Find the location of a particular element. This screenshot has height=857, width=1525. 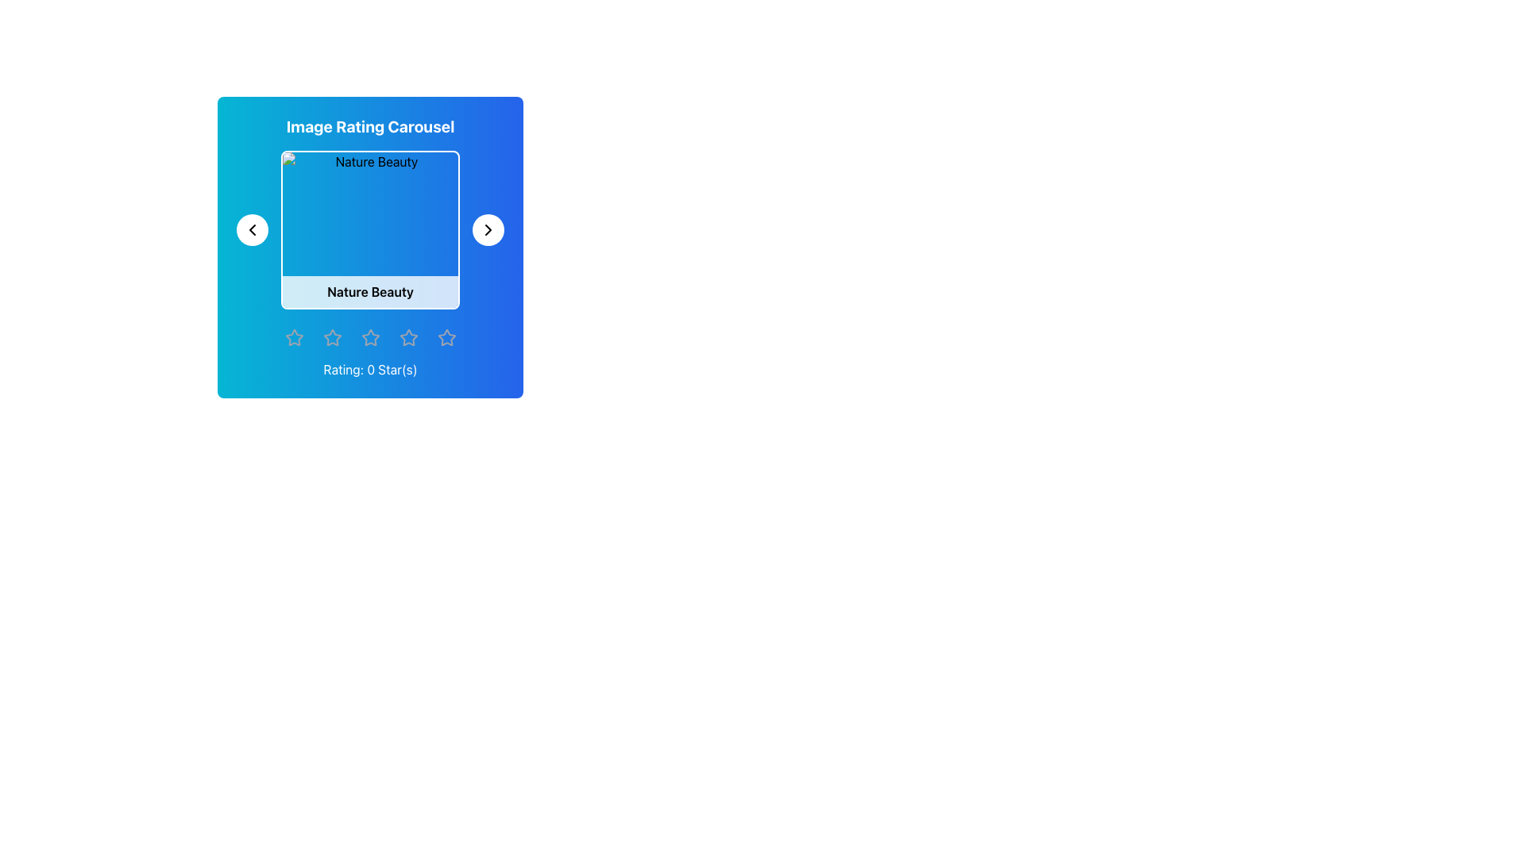

the sixth star icon, which is an outline gray star in a sequence of six stars is located at coordinates (446, 336).